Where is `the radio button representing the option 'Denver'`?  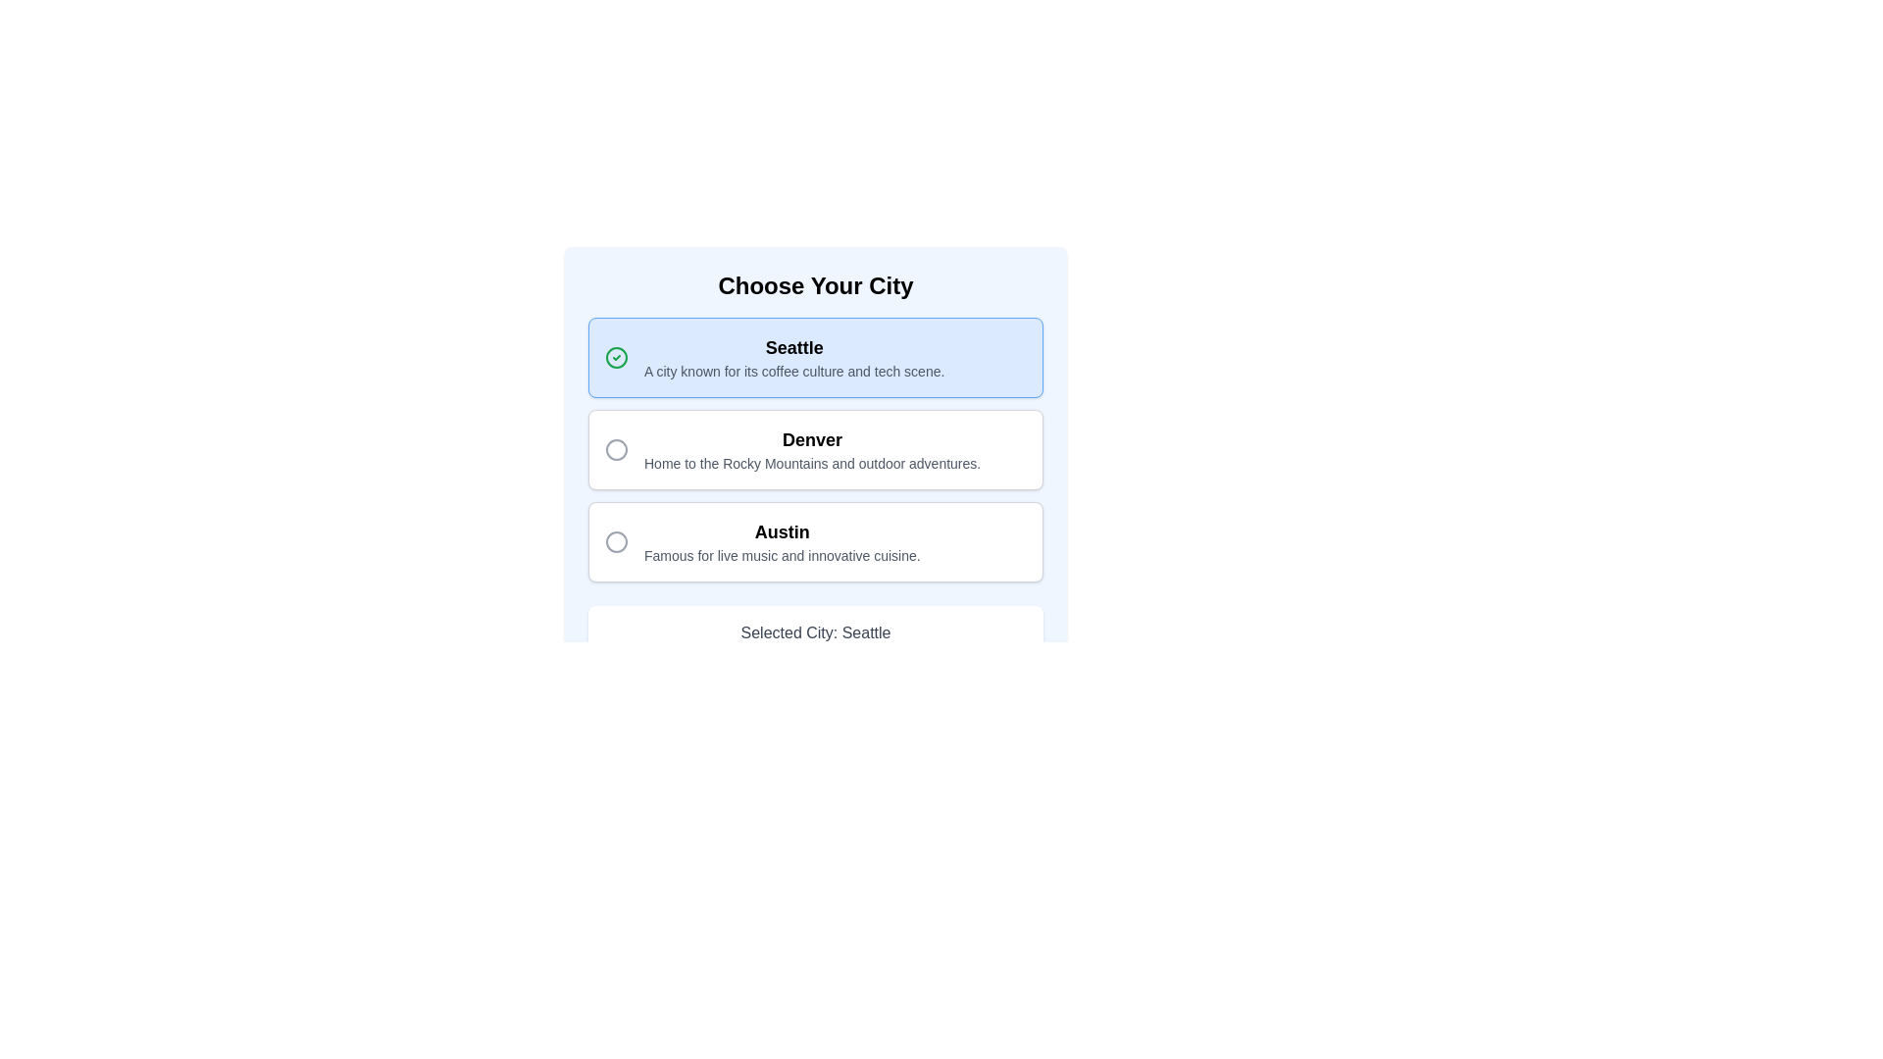 the radio button representing the option 'Denver' is located at coordinates (615, 450).